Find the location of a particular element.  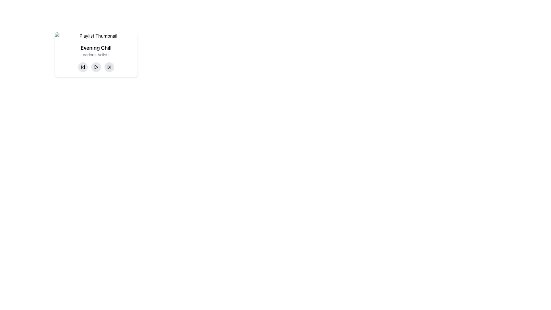

the circular button with a light gray background and a triangular play icon, located below the text 'Evening Chill' is located at coordinates (96, 67).